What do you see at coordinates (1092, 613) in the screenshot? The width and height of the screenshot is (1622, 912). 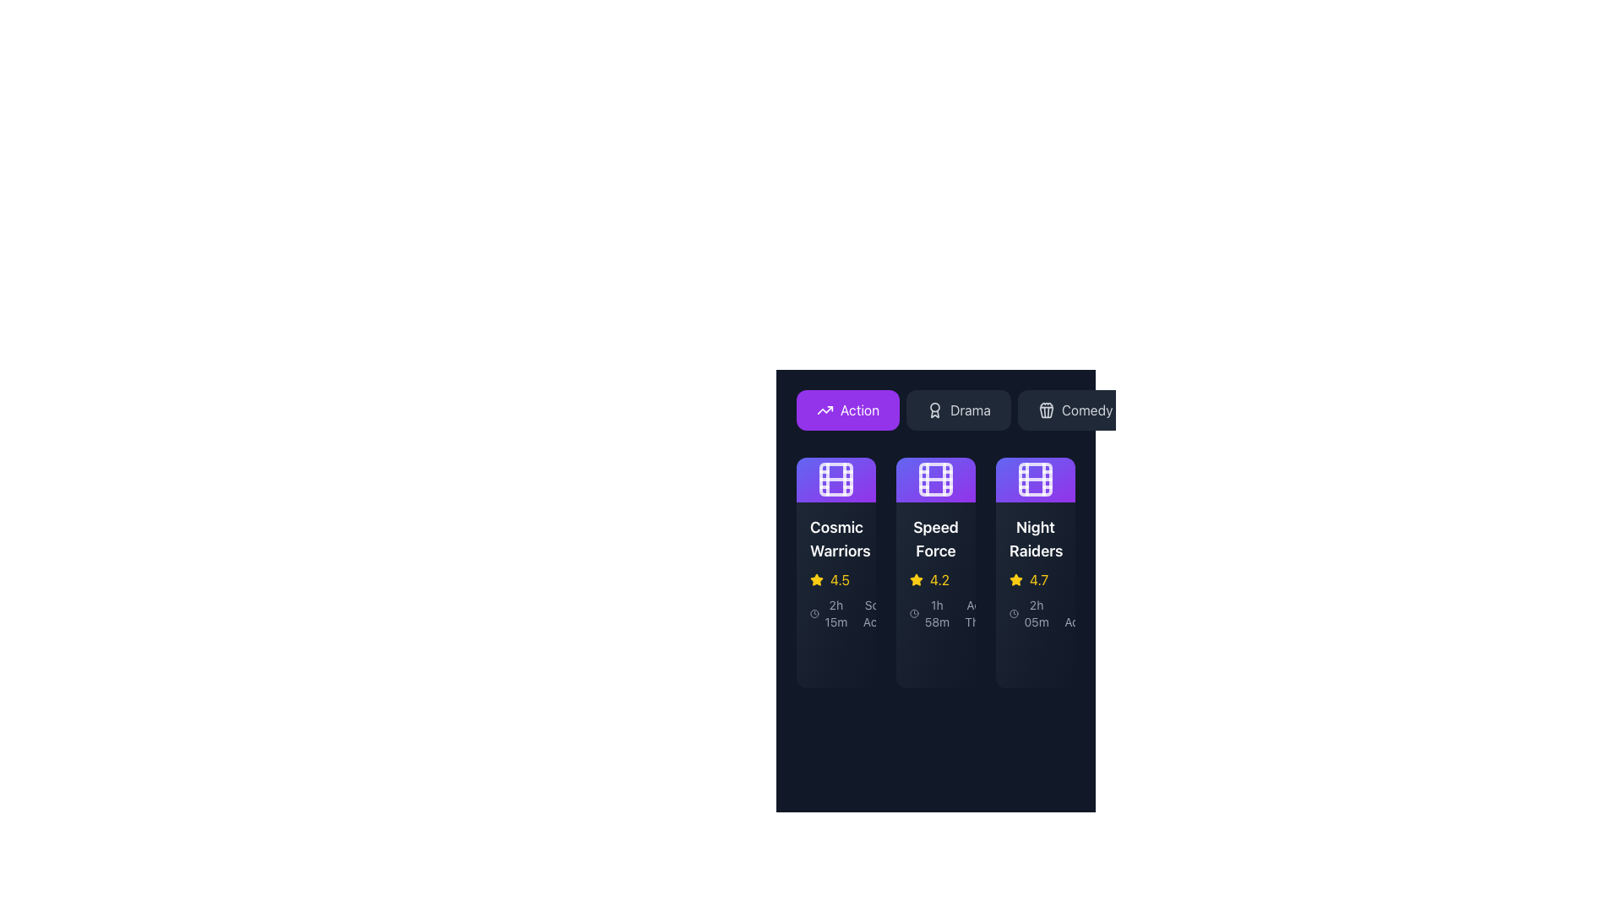 I see `the text label displaying 'Action Adventure' located in the bottom section of the movie card for 'Night Raiders', positioned to the right of the duration text '2h 05m'` at bounding box center [1092, 613].